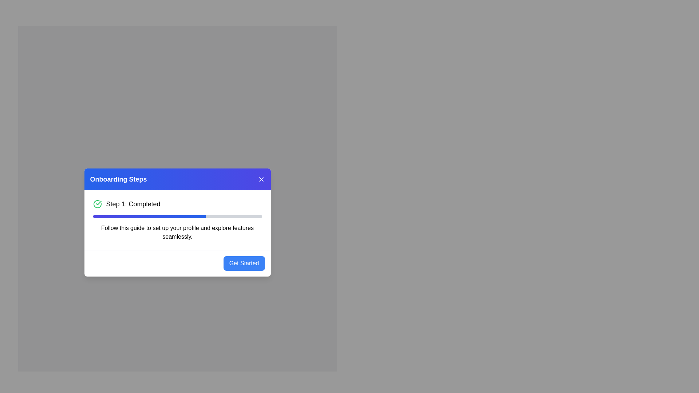 This screenshot has height=393, width=699. What do you see at coordinates (177, 219) in the screenshot?
I see `the instructional text links in the Informational Panel titled 'Step 1: Completed', which is centrally located within the modal dialog` at bounding box center [177, 219].